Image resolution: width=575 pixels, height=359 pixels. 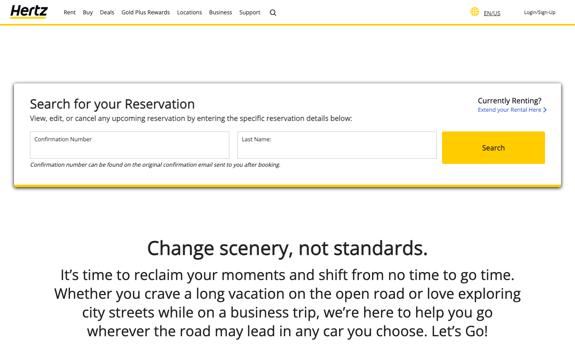 What do you see at coordinates (512, 104) in the screenshot?
I see `the page for rental extension` at bounding box center [512, 104].